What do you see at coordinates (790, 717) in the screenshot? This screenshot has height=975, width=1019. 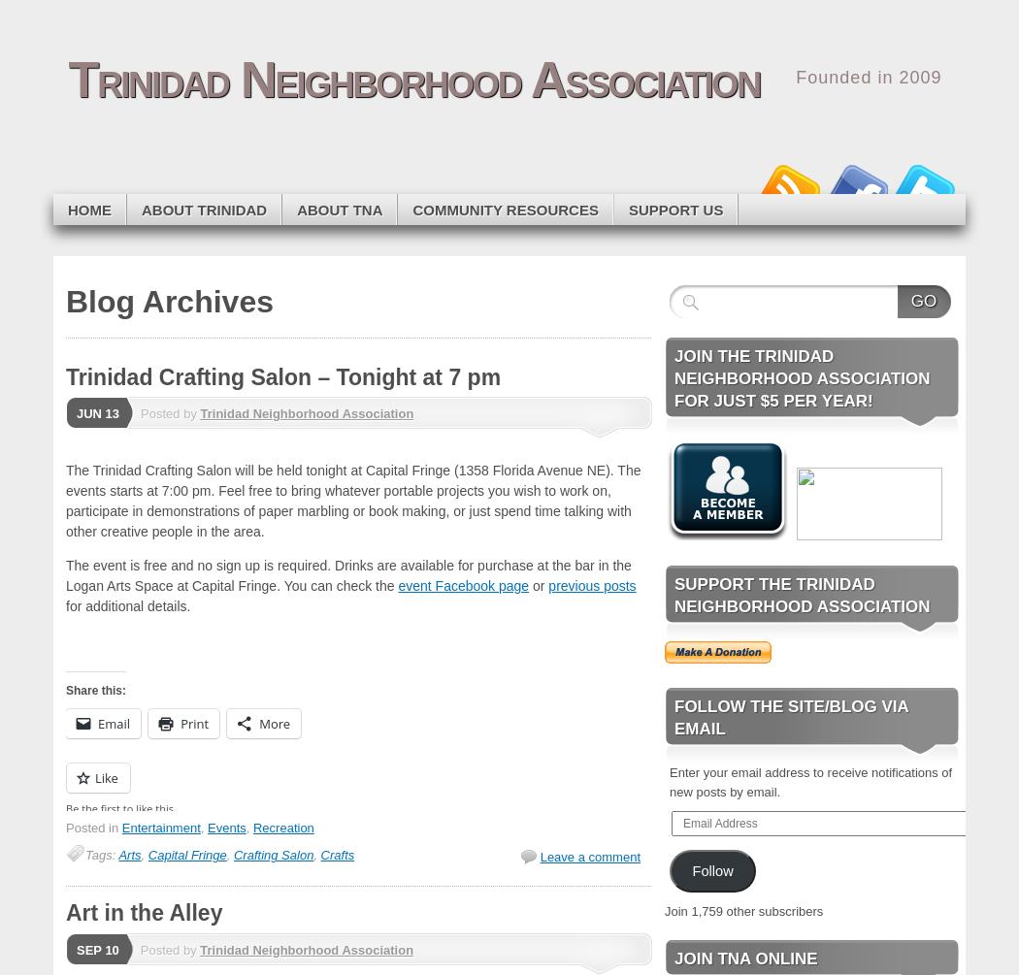 I see `'Follow the site/blog via email'` at bounding box center [790, 717].